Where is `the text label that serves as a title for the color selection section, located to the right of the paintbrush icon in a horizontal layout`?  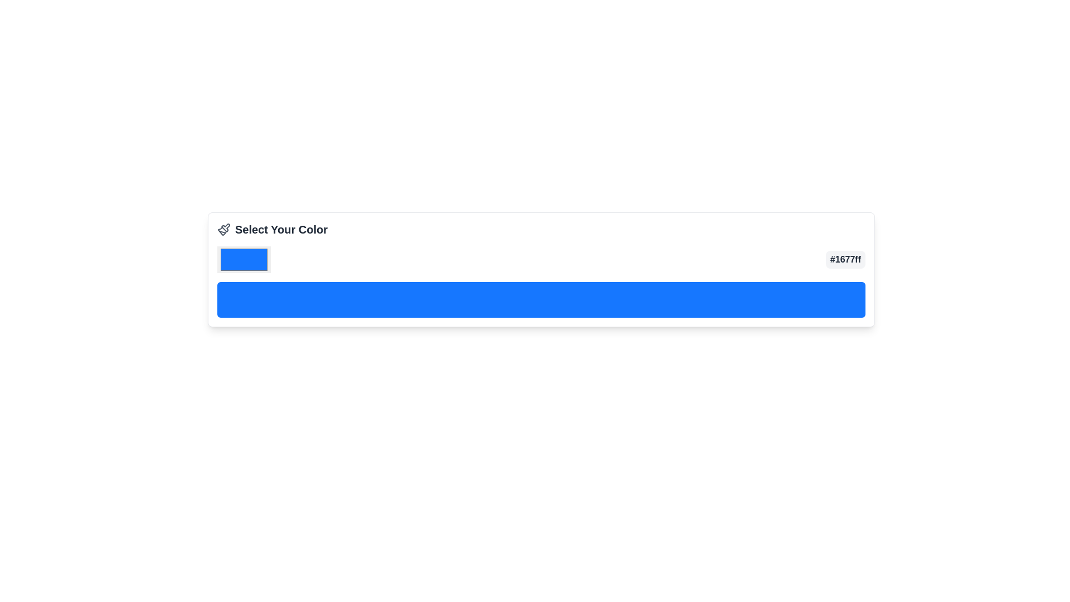 the text label that serves as a title for the color selection section, located to the right of the paintbrush icon in a horizontal layout is located at coordinates (281, 229).